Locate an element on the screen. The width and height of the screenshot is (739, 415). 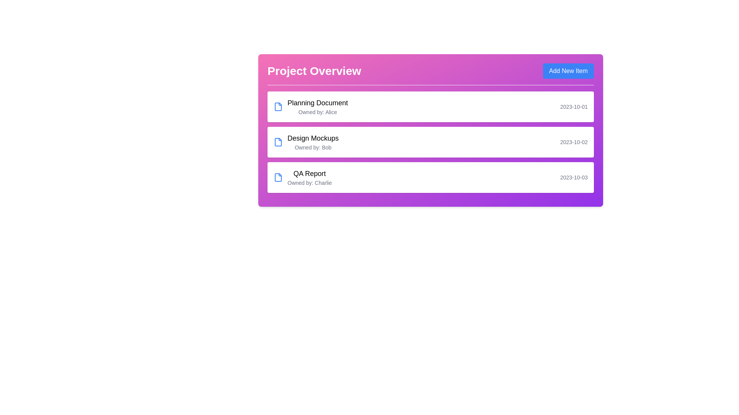
the title and ownership descriptor text element located in the first card of the vertical list, positioned near the top-right section, flanked by a blue file icon is located at coordinates (318, 106).